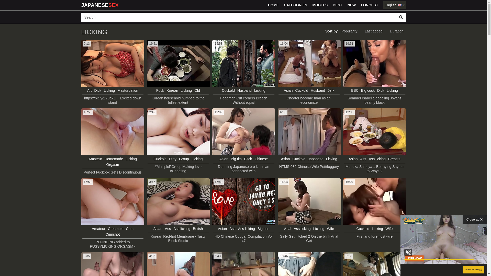 The image size is (491, 276). I want to click on 'Homemade', so click(114, 158).